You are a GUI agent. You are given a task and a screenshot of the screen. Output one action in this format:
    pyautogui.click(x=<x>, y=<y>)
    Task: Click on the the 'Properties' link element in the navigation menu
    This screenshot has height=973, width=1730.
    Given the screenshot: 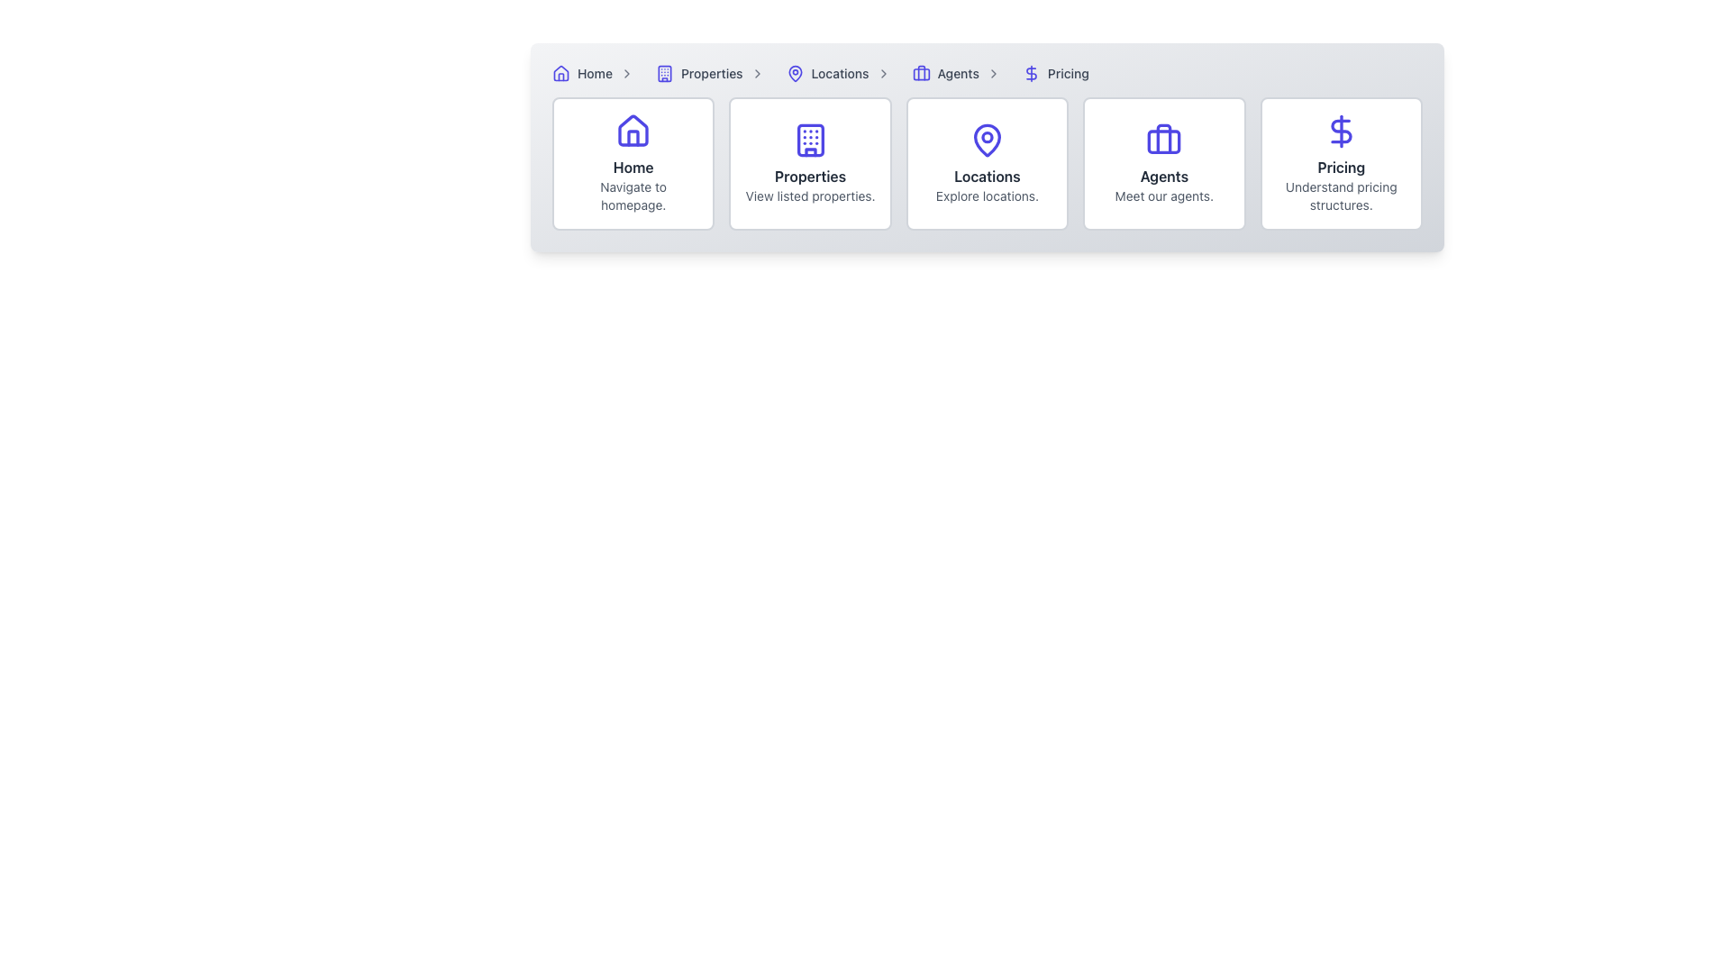 What is the action you would take?
    pyautogui.click(x=711, y=72)
    